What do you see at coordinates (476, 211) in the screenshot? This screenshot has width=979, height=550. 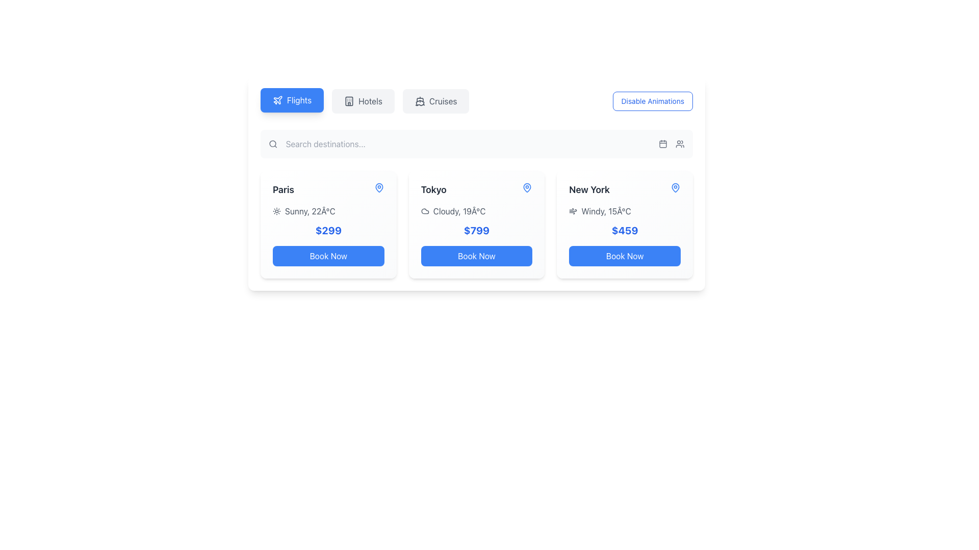 I see `the weather information display for Tokyo, which consists of an icon and a text label, positioned above the '$799' price text` at bounding box center [476, 211].